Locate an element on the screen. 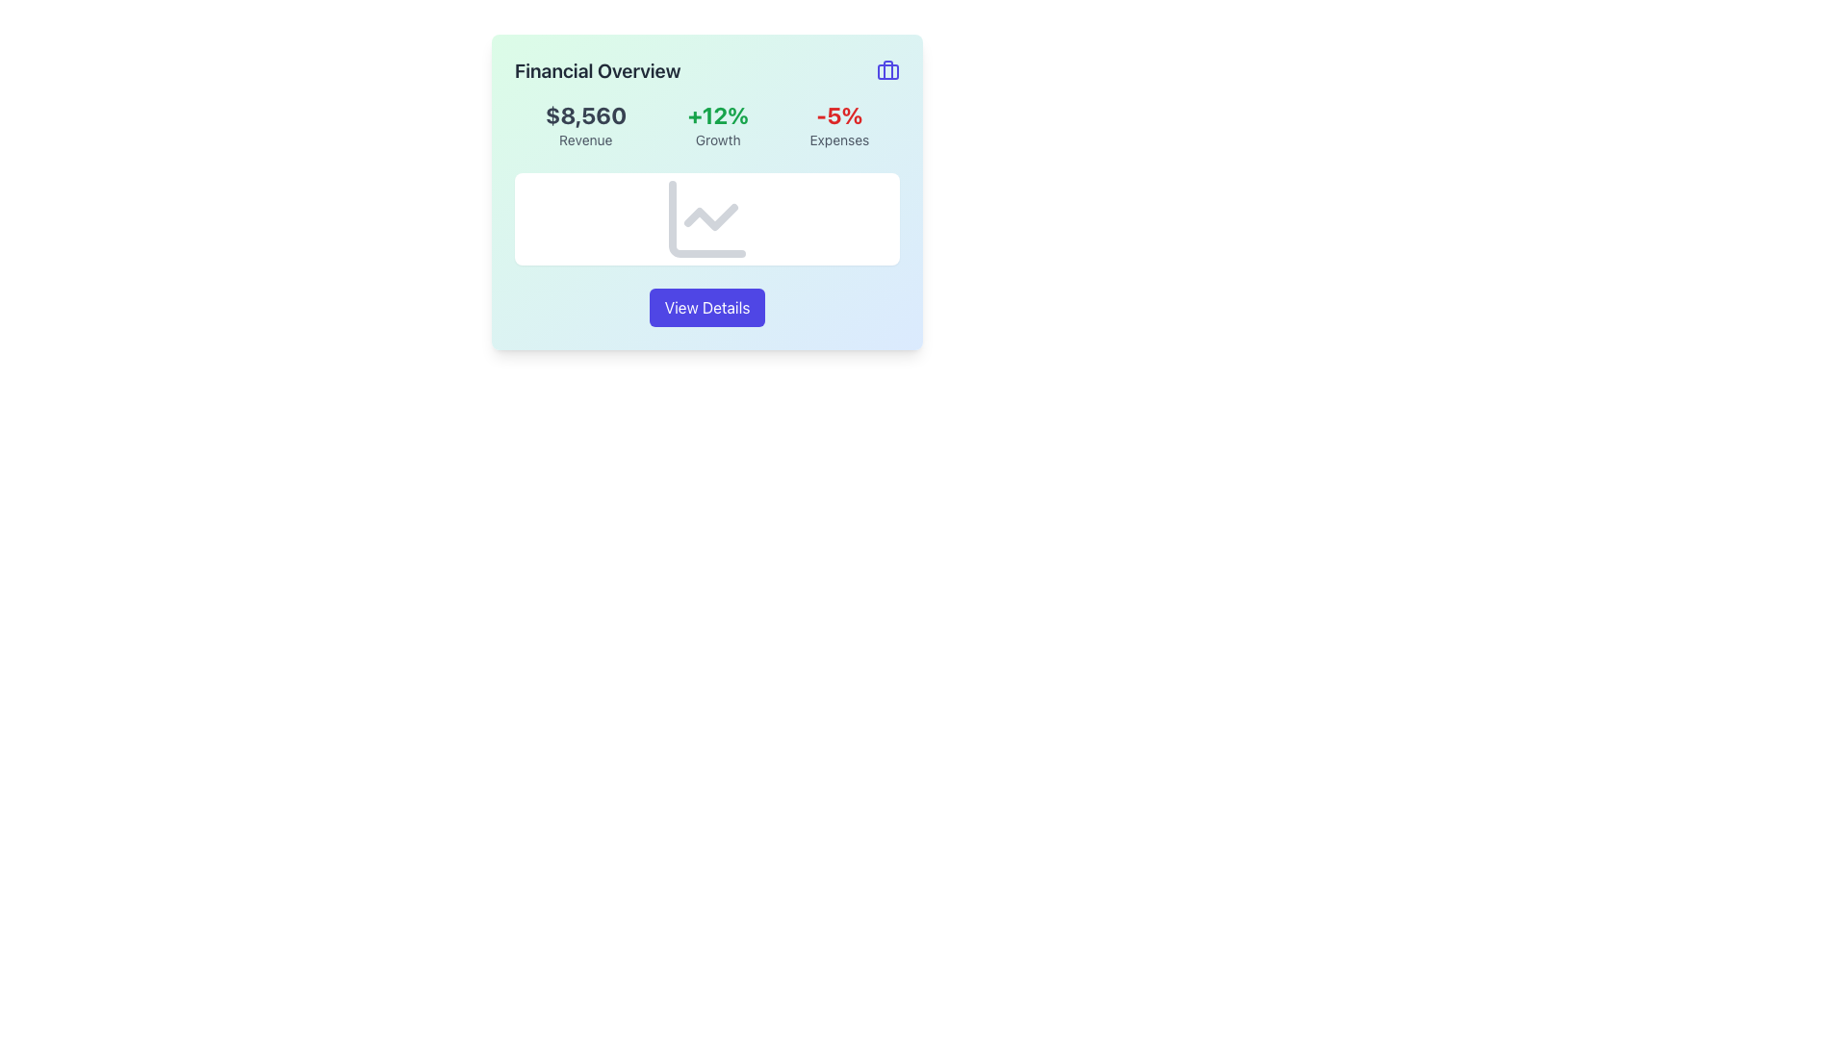 This screenshot has width=1848, height=1039. the positive growth percentage text element located under 'Financial Overview' between 'Revenue' and 'Expenses' is located at coordinates (717, 114).